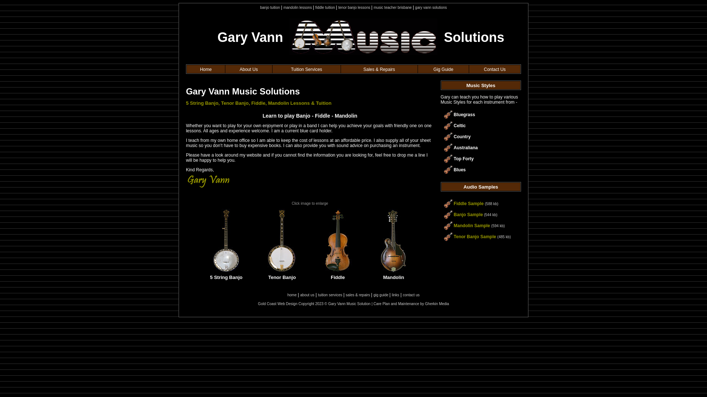 The image size is (707, 397). What do you see at coordinates (381, 294) in the screenshot?
I see `'gig guide'` at bounding box center [381, 294].